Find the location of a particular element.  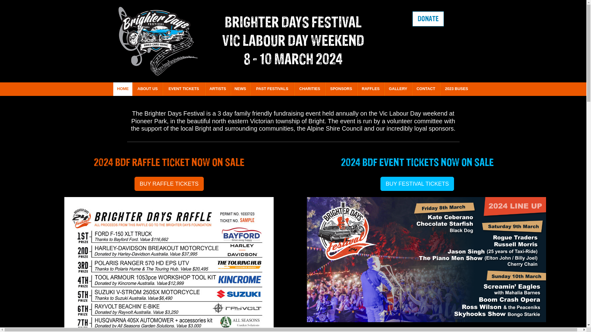

'2023 BUSES' is located at coordinates (456, 89).